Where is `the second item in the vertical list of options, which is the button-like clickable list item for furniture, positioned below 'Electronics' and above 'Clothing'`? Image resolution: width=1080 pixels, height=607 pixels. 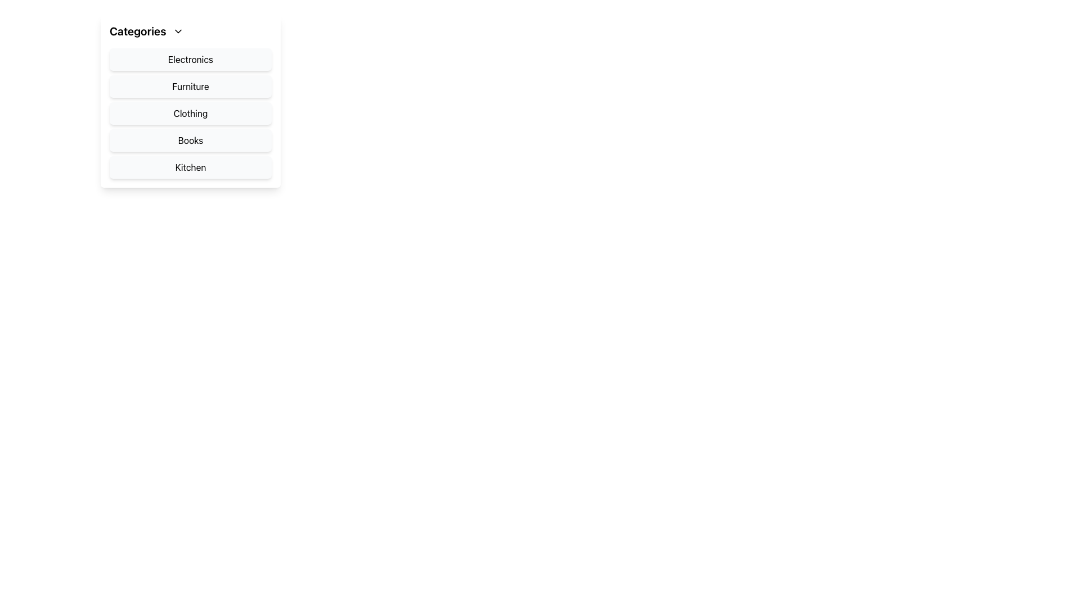 the second item in the vertical list of options, which is the button-like clickable list item for furniture, positioned below 'Electronics' and above 'Clothing' is located at coordinates (191, 86).